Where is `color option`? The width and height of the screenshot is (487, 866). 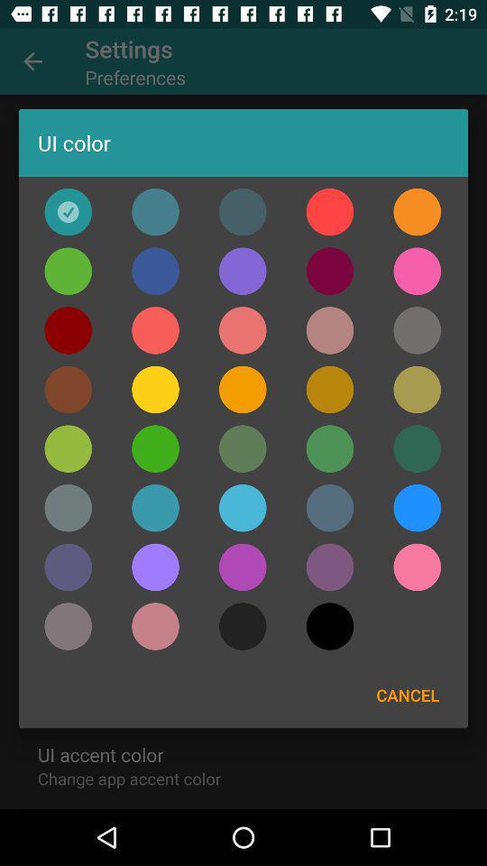 color option is located at coordinates (417, 508).